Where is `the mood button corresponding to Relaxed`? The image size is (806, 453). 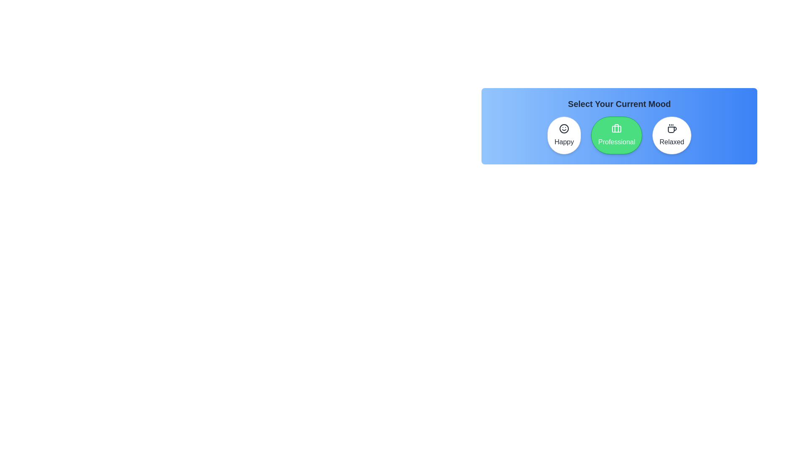
the mood button corresponding to Relaxed is located at coordinates (672, 135).